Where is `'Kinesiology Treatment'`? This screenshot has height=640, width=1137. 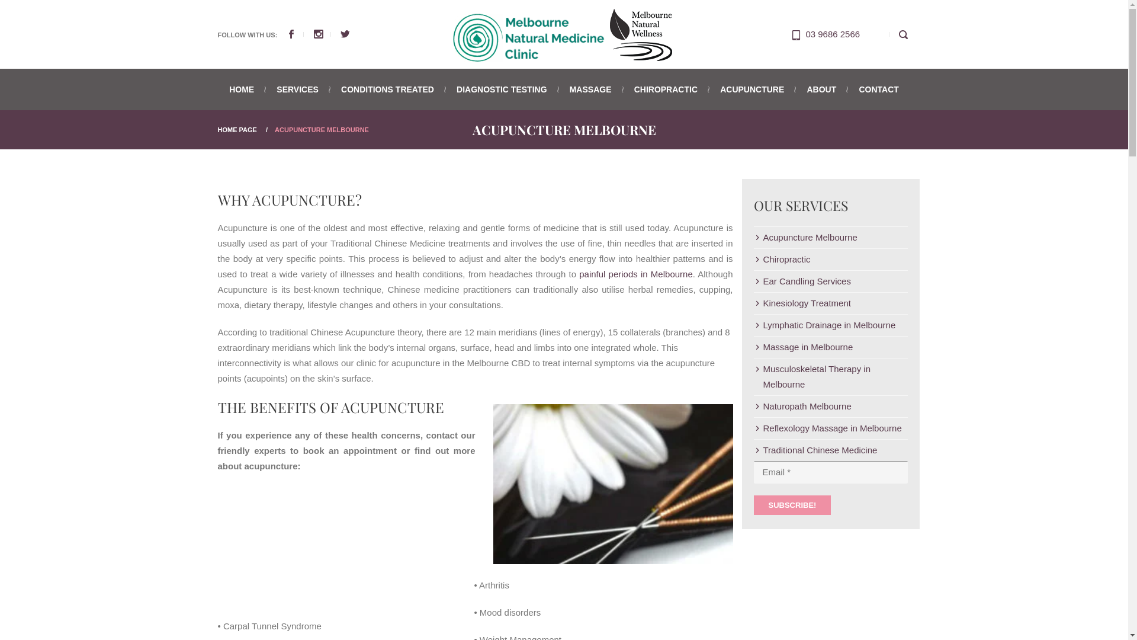 'Kinesiology Treatment' is located at coordinates (801, 303).